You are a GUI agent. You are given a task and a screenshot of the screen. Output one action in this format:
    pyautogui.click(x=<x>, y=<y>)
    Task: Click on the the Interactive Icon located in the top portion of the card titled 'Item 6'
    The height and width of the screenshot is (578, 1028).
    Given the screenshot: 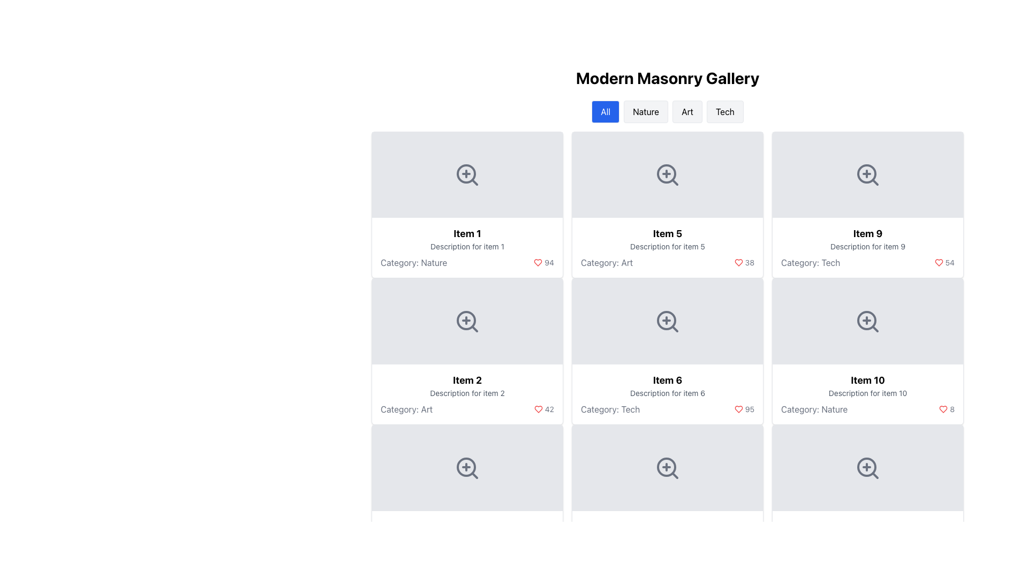 What is the action you would take?
    pyautogui.click(x=667, y=321)
    